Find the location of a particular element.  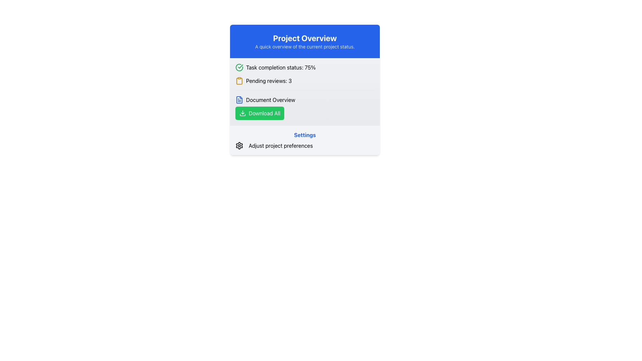

the main heading text label of the card component, which is positioned at the top of a blue background with white text is located at coordinates (305, 38).